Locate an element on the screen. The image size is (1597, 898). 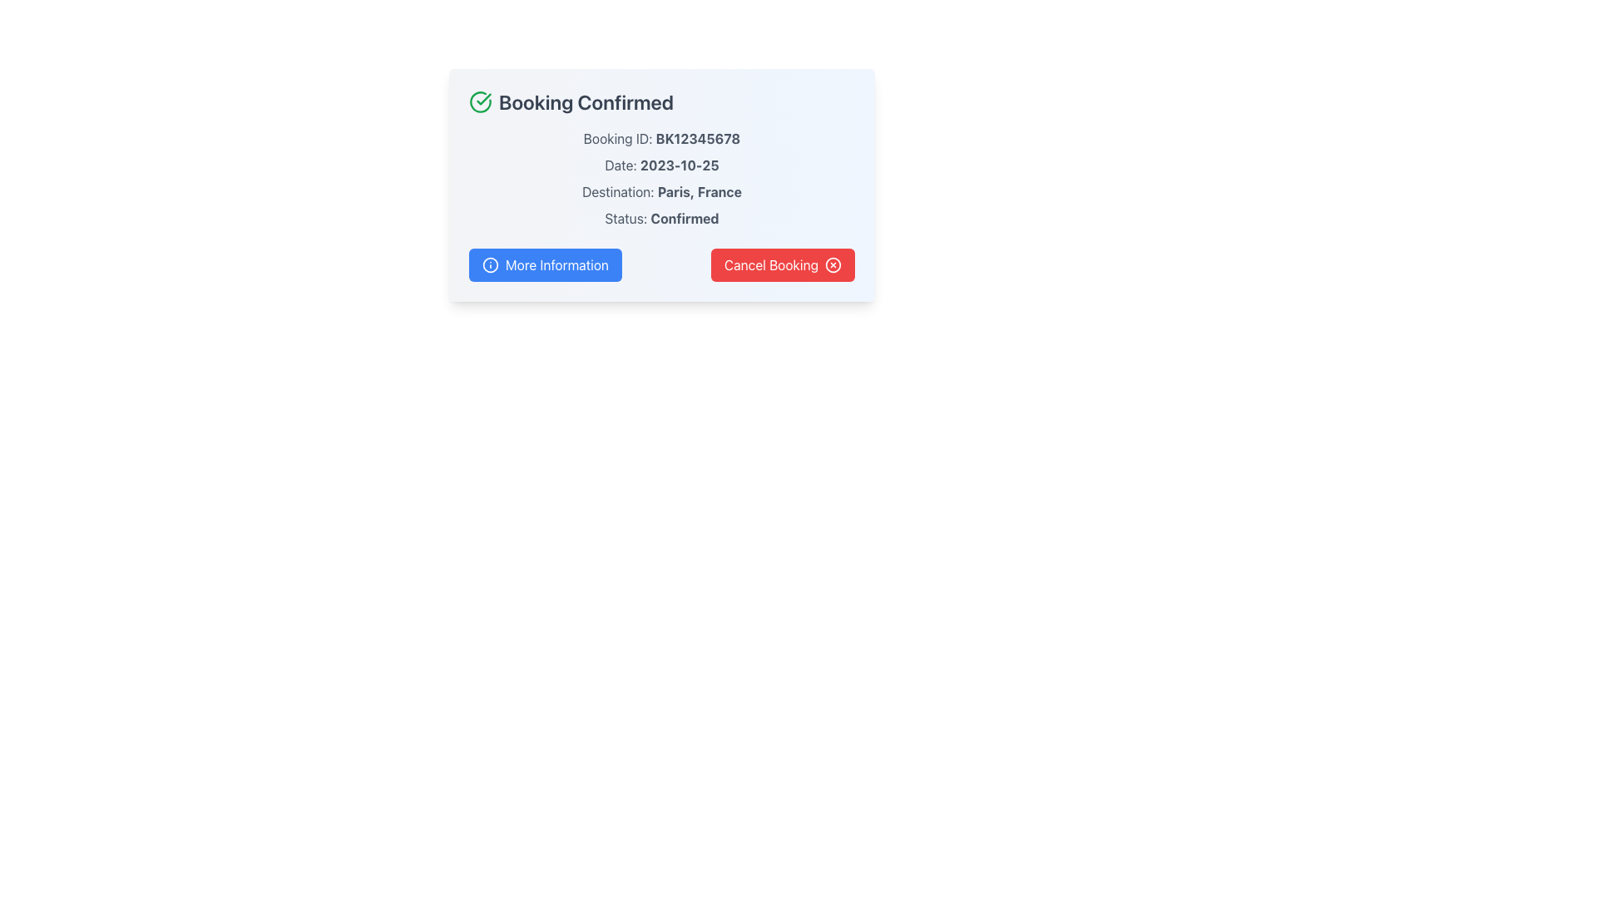
the decorative Circle element that is part of an SVG graphic located to the left of the 'More Information' button within the confirmation message section is located at coordinates (490, 264).